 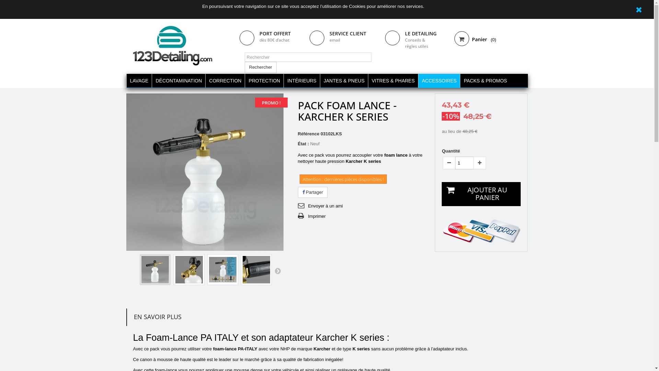 I want to click on 'ACCESSOIRES', so click(x=438, y=80).